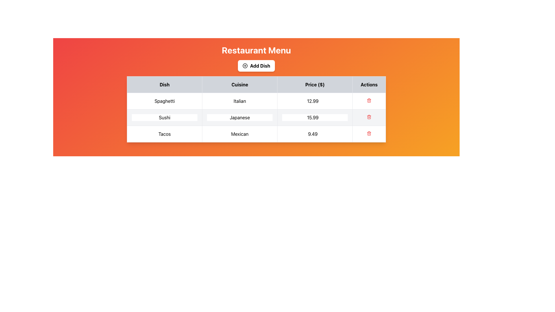 The height and width of the screenshot is (312, 555). What do you see at coordinates (240, 134) in the screenshot?
I see `the text display indicating the cuisine type for the dish 'Tacos' in the restaurant menu, located in the third row and second column of the table` at bounding box center [240, 134].